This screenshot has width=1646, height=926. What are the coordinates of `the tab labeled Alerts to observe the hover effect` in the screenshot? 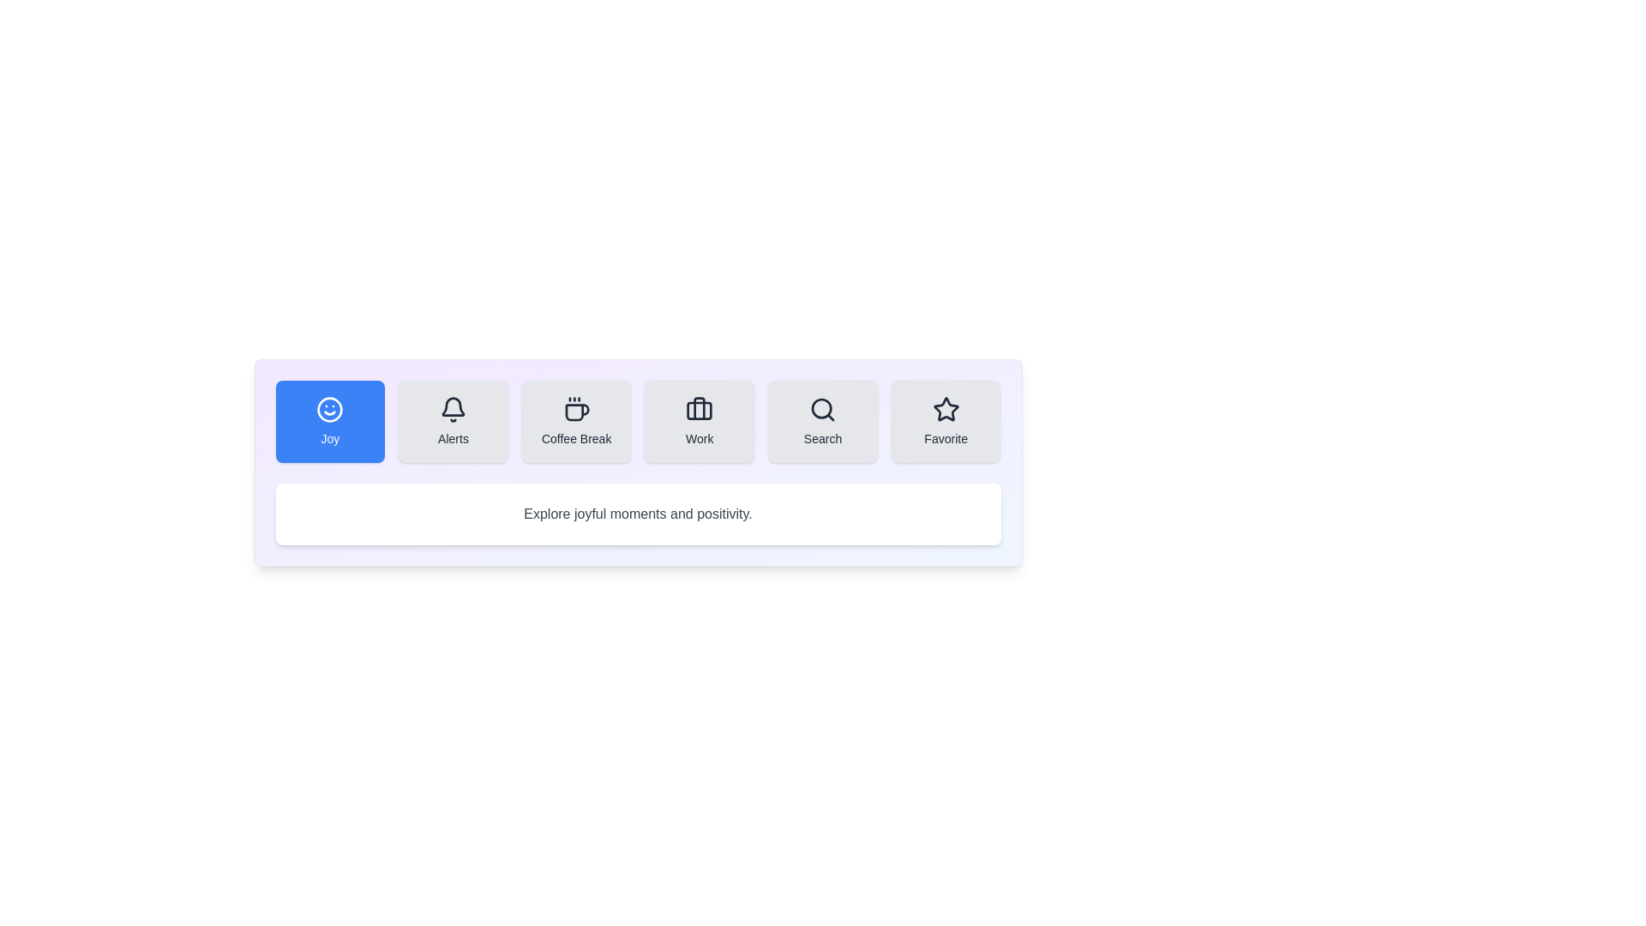 It's located at (453, 422).